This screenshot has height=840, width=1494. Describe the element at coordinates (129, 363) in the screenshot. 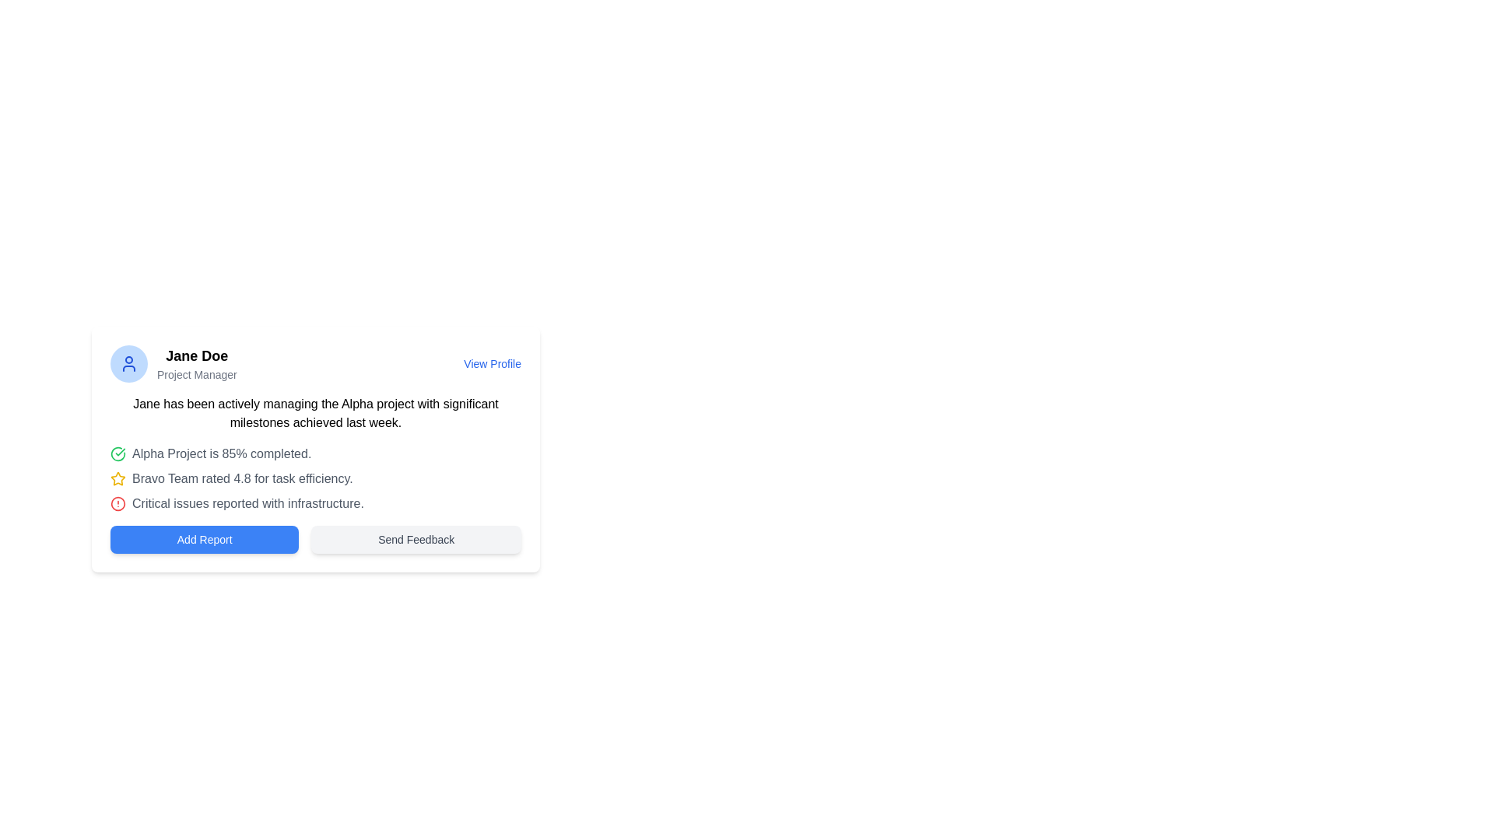

I see `the user icon, which is outlined in blue and located within a circular blue background in the top-left corner of the card containing 'Jane Doe's profile information` at that location.